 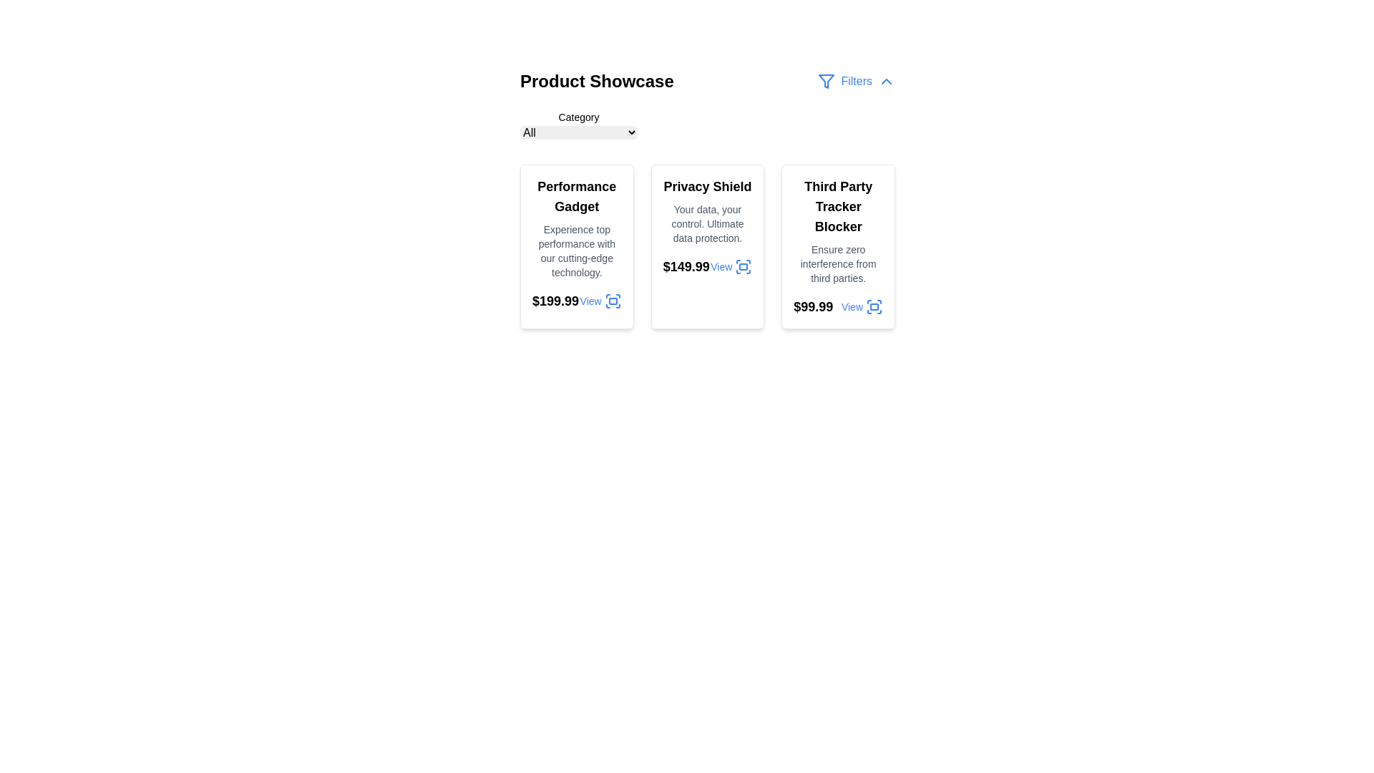 I want to click on the Dropdown indicator icon located immediately to the right of the 'Filters' text, so click(x=885, y=82).